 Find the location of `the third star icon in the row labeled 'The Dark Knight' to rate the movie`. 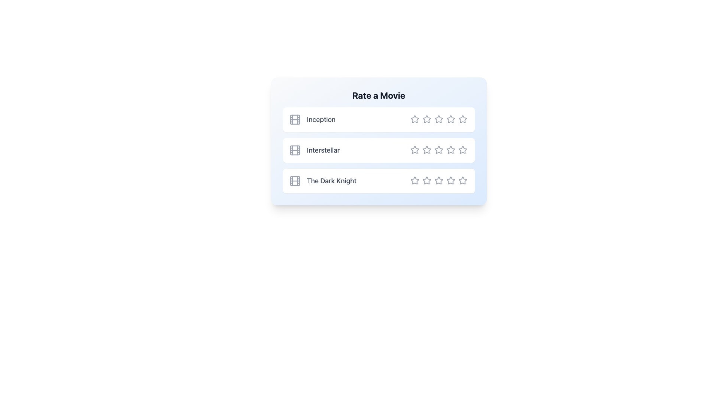

the third star icon in the row labeled 'The Dark Knight' to rate the movie is located at coordinates (439, 180).